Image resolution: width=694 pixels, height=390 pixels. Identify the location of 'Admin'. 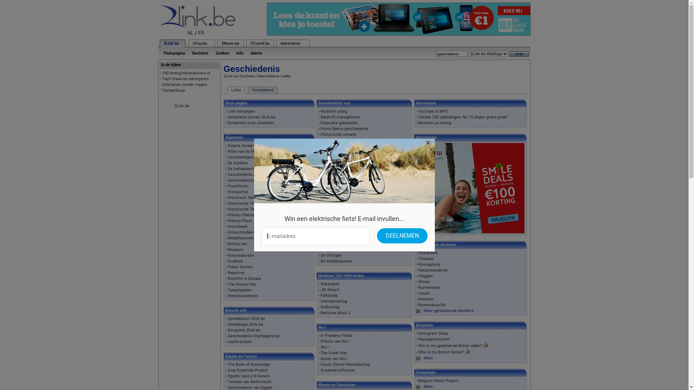
(256, 53).